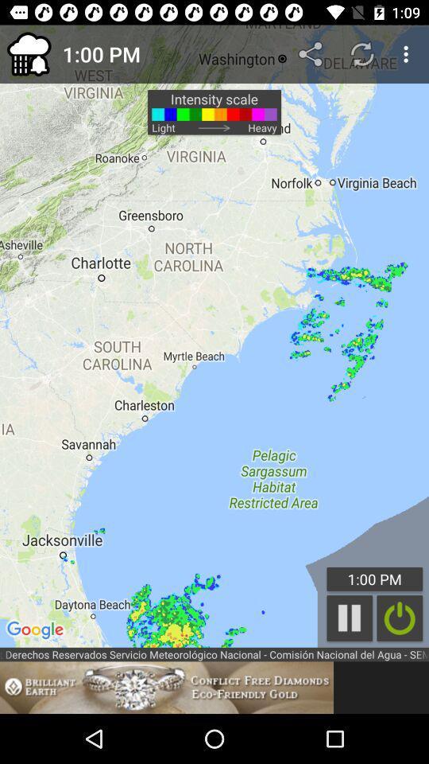 The width and height of the screenshot is (429, 764). What do you see at coordinates (214, 336) in the screenshot?
I see `the item above national weather service item` at bounding box center [214, 336].